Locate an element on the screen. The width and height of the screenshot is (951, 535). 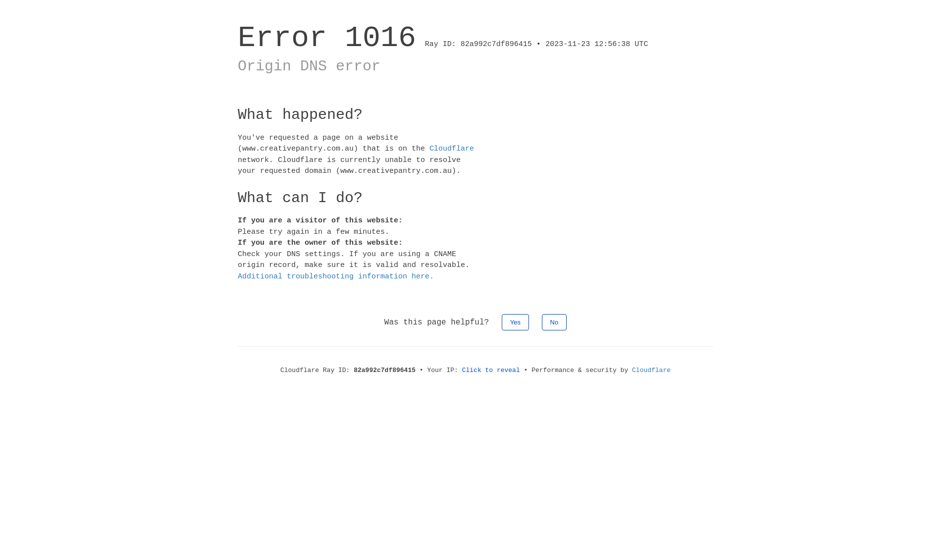
'Cloudflare' is located at coordinates (451, 149).